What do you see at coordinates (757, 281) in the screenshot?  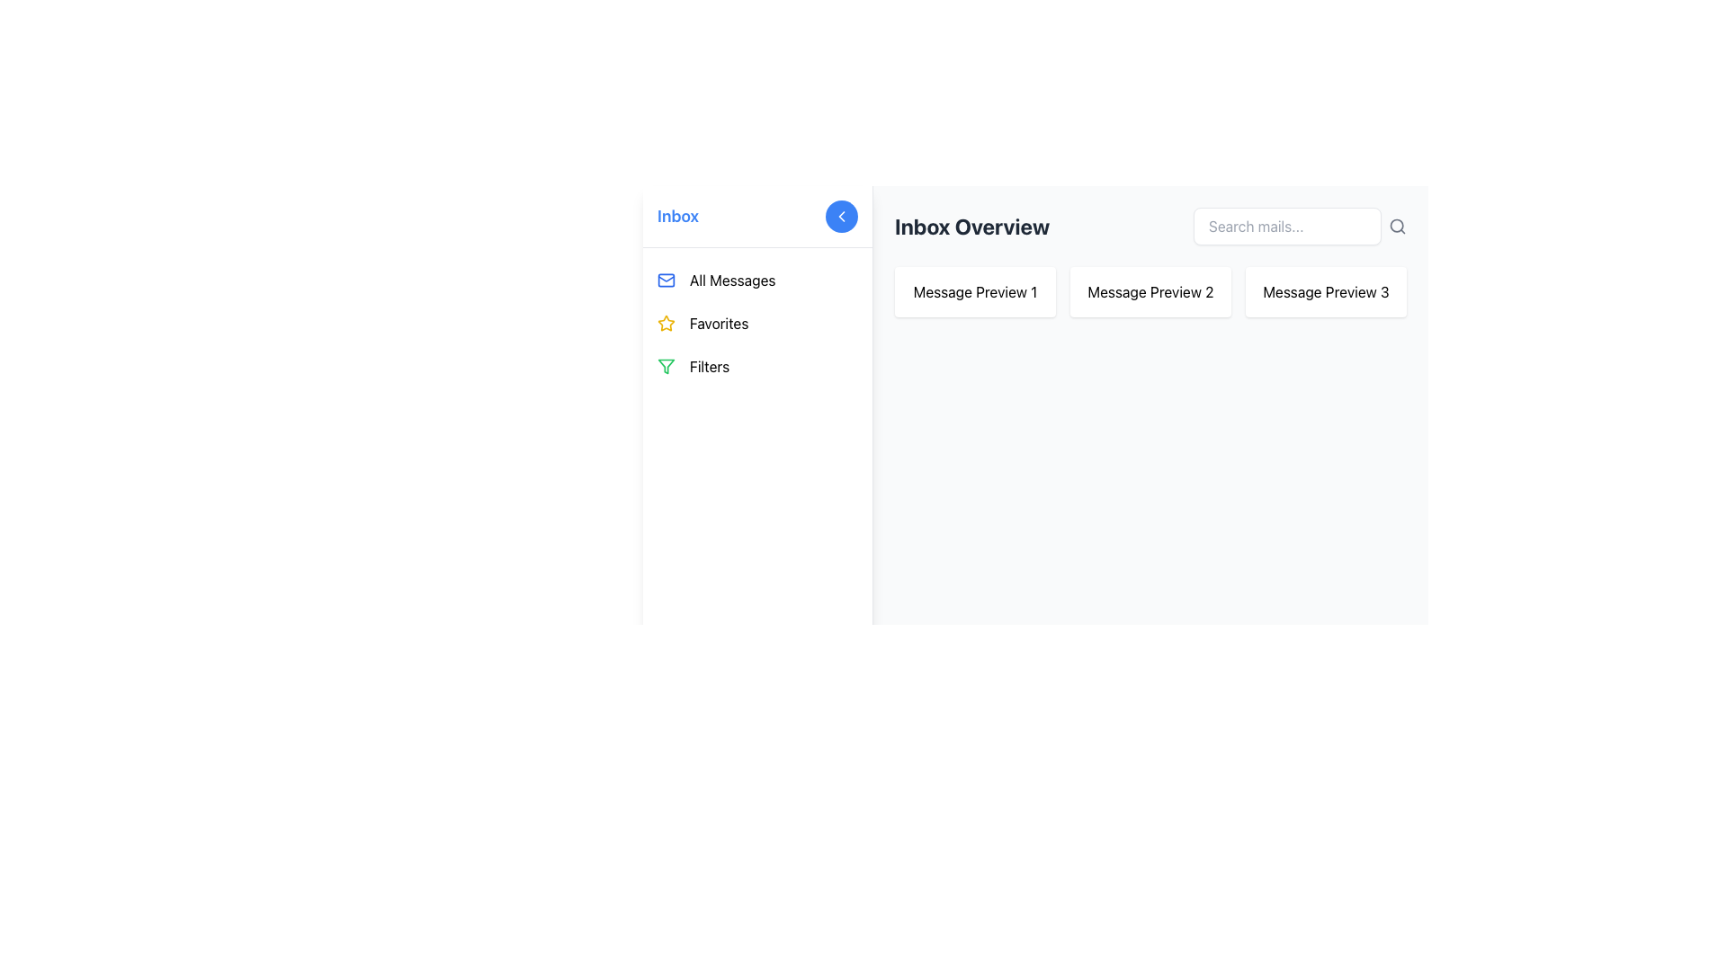 I see `the navigation button located in the left-side navigation bar` at bounding box center [757, 281].